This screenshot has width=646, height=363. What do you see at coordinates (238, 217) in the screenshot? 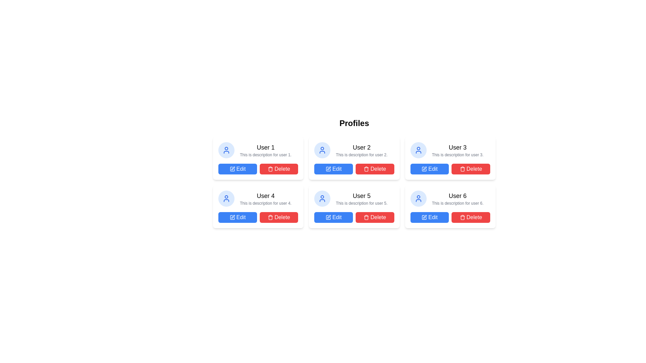
I see `the edit button located in the bottom row, first column of the user card grid, which allows editing information related to 'User 4'` at bounding box center [238, 217].